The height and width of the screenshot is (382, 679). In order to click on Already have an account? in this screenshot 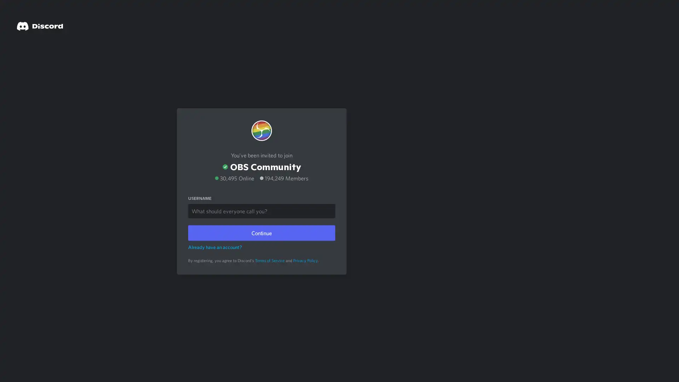, I will do `click(215, 246)`.